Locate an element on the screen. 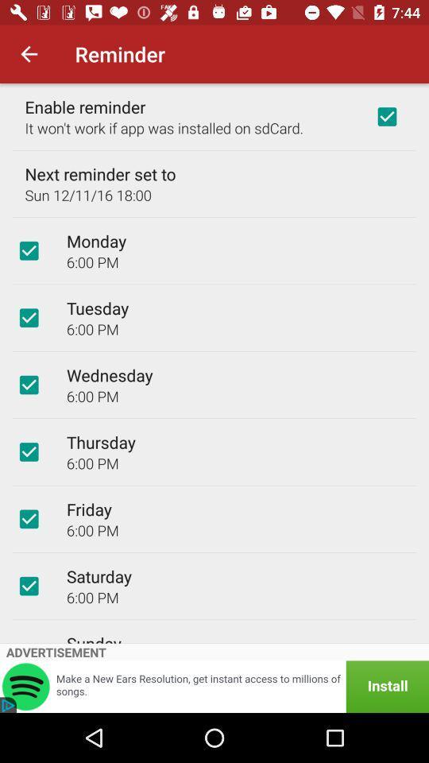 This screenshot has width=429, height=763. item next to the thursday icon is located at coordinates (29, 451).